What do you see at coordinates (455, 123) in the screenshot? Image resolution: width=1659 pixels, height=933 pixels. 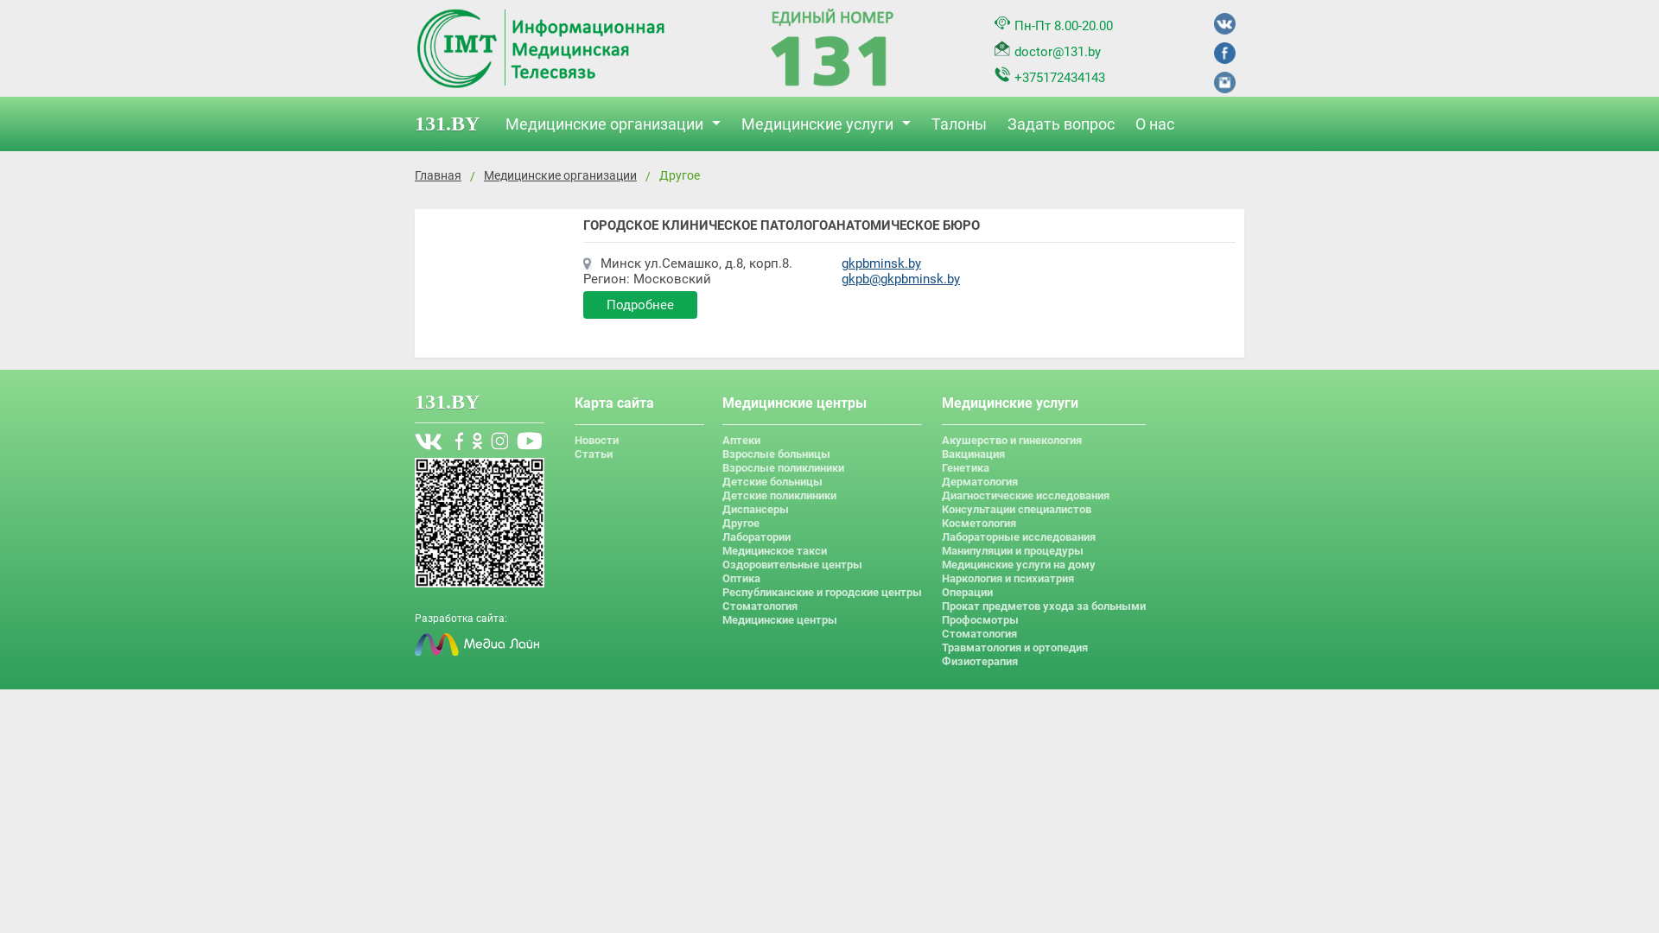 I see `'131.BY'` at bounding box center [455, 123].